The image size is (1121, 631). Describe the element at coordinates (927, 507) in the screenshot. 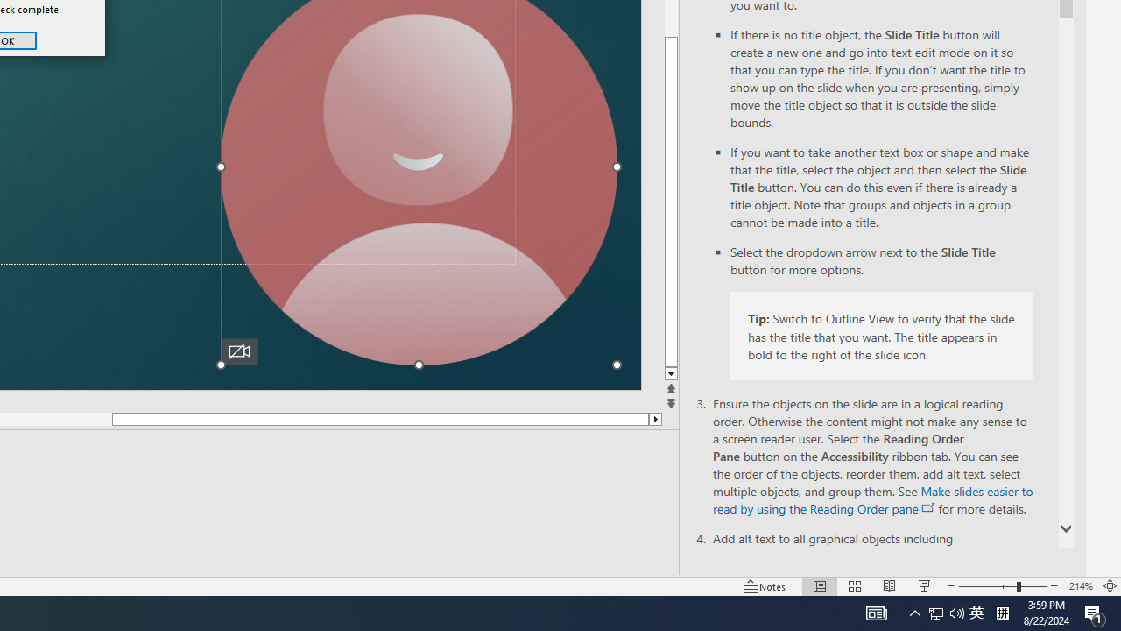

I see `'openinnewwindow'` at that location.